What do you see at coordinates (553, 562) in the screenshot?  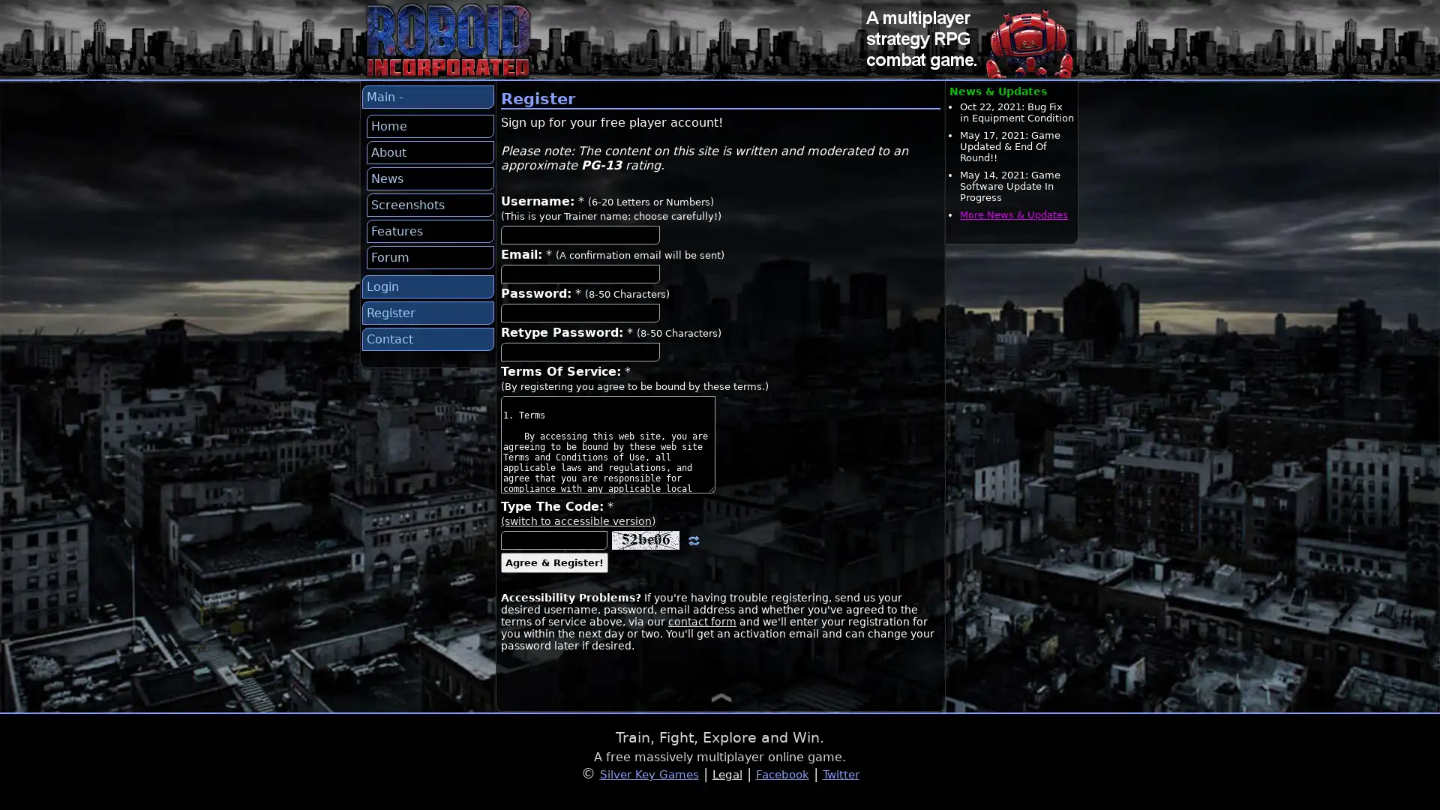 I see `Agree & Register!` at bounding box center [553, 562].